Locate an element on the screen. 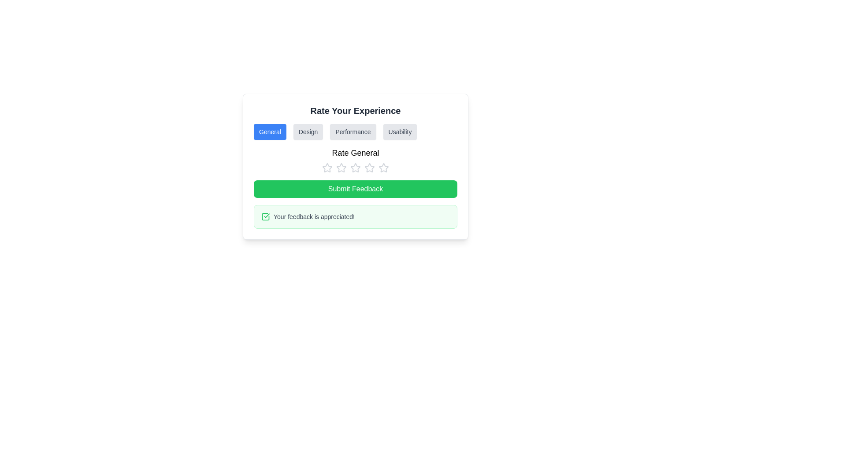  the third button in the horizontally-aligned group of four buttons, which filters or navigates to content related to 'Performance' is located at coordinates (353, 132).